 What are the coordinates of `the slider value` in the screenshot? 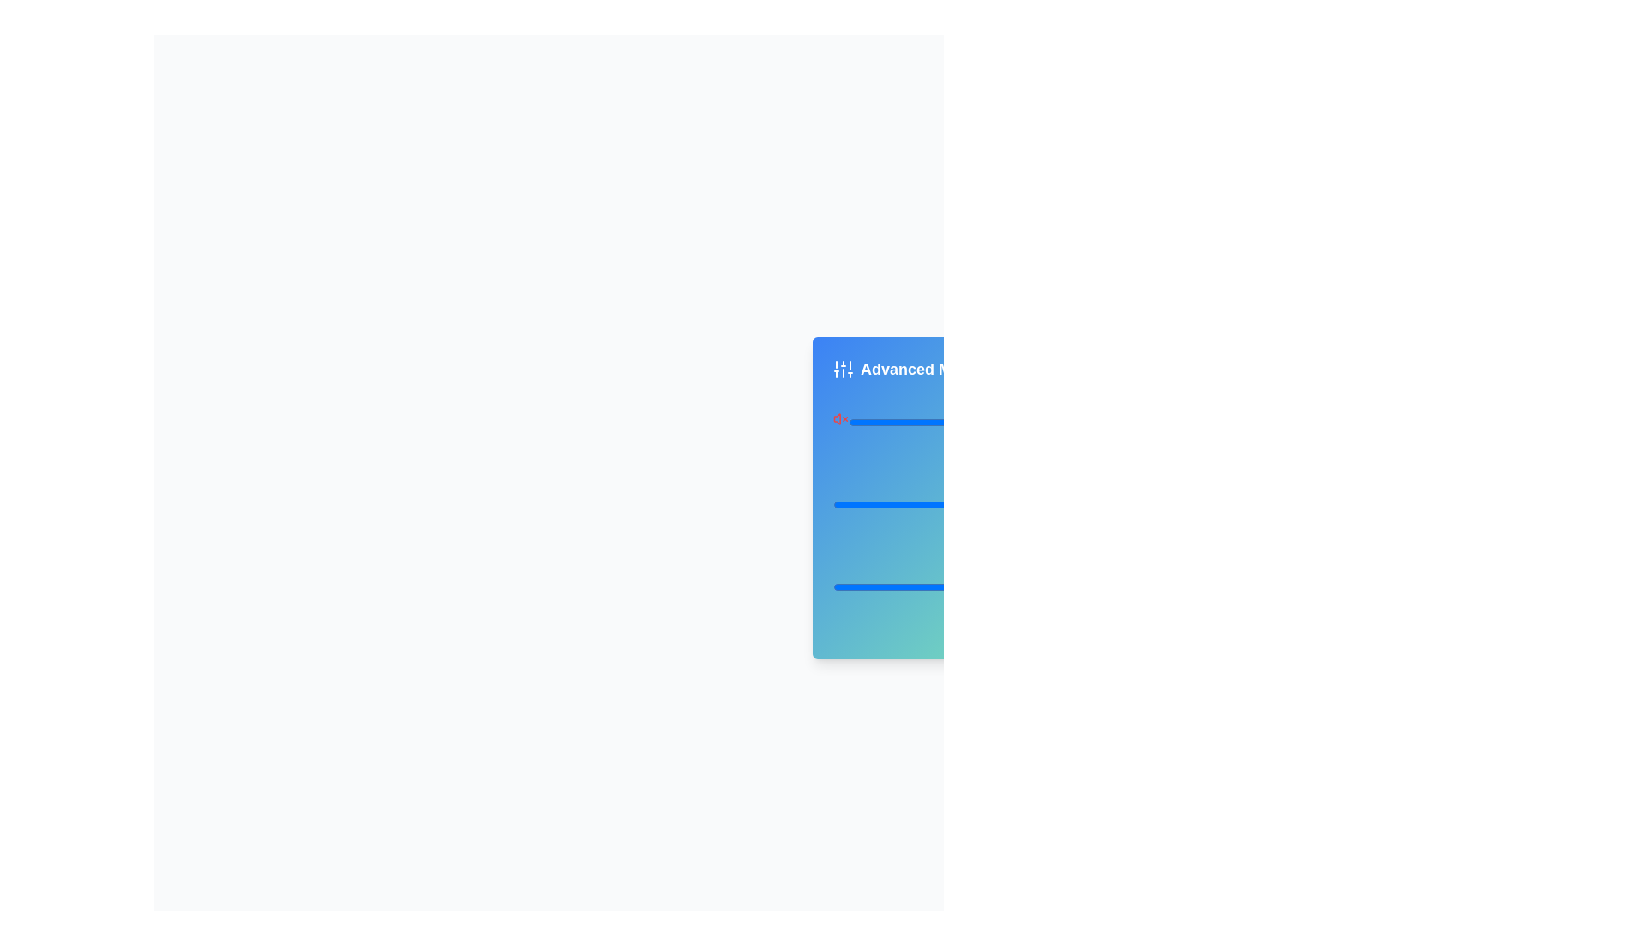 It's located at (891, 504).